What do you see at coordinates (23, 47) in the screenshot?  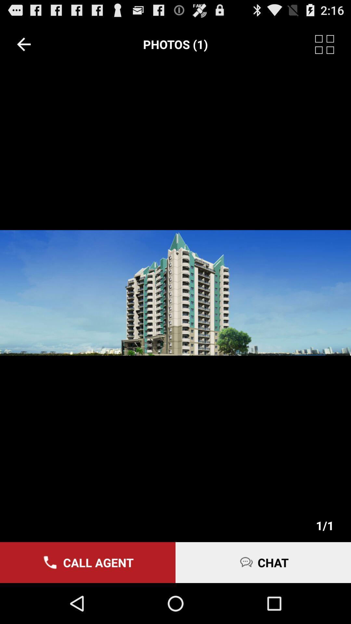 I see `the arrow_backward icon` at bounding box center [23, 47].